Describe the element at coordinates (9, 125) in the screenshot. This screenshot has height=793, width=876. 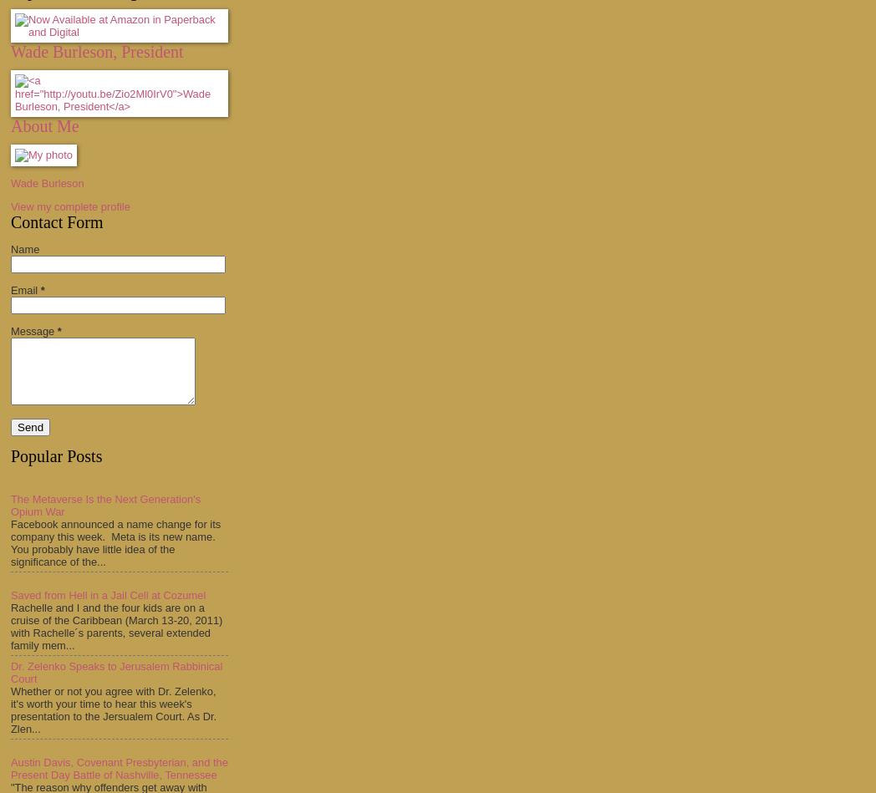
I see `'About Me'` at that location.